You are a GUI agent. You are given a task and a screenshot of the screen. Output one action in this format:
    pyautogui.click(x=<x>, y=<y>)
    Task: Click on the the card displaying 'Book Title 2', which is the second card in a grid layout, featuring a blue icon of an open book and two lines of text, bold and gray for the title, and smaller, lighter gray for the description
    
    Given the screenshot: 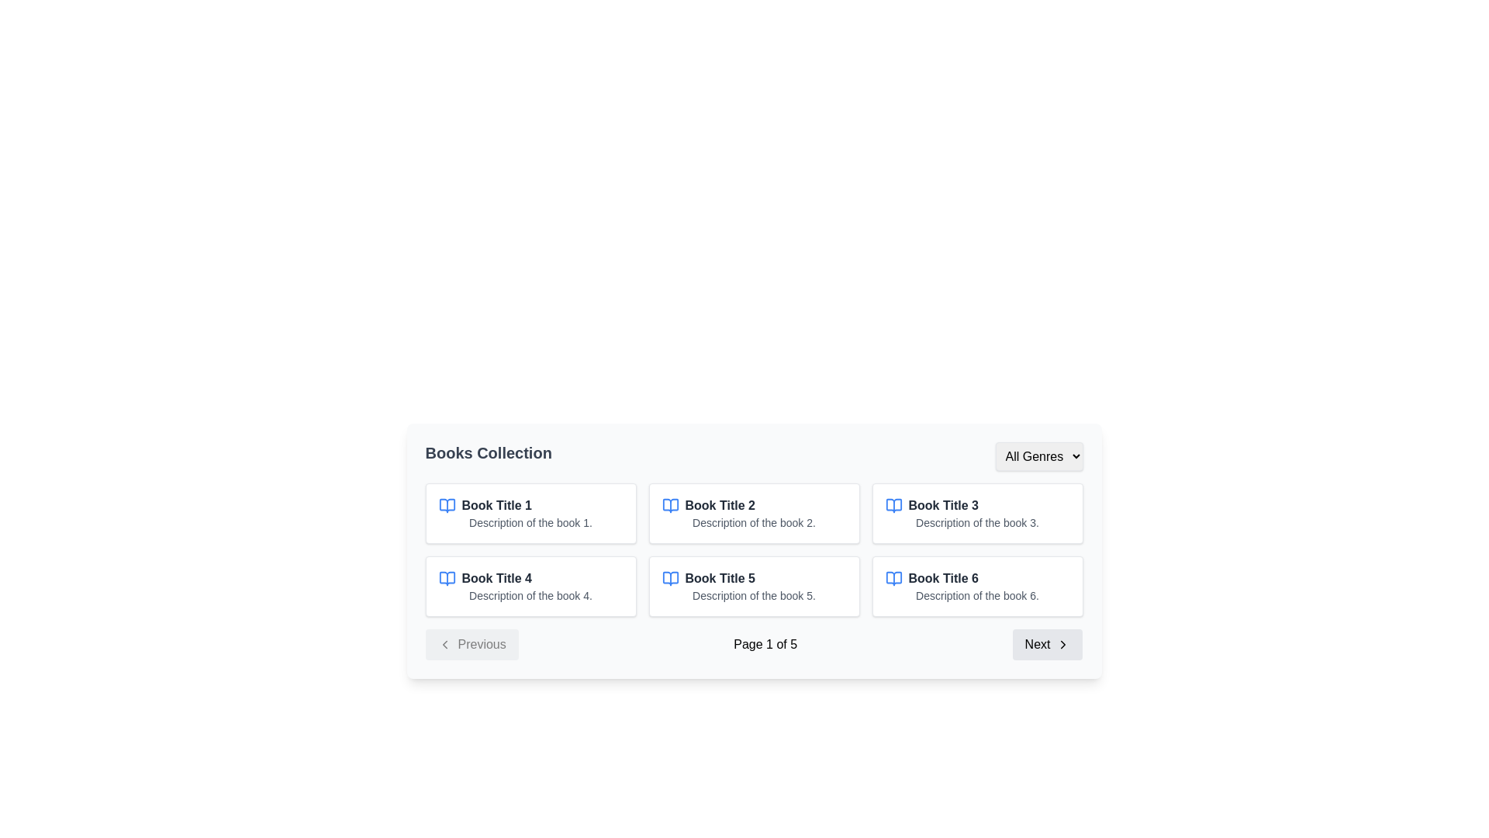 What is the action you would take?
    pyautogui.click(x=754, y=514)
    